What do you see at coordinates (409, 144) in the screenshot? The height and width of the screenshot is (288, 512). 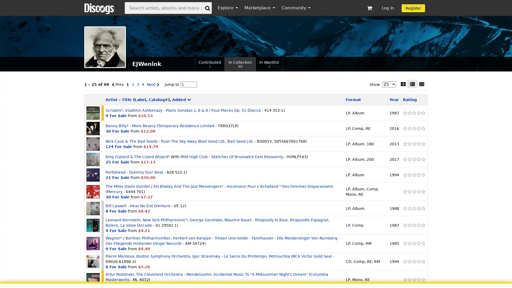 I see `Rate this release 2 stars.` at bounding box center [409, 144].